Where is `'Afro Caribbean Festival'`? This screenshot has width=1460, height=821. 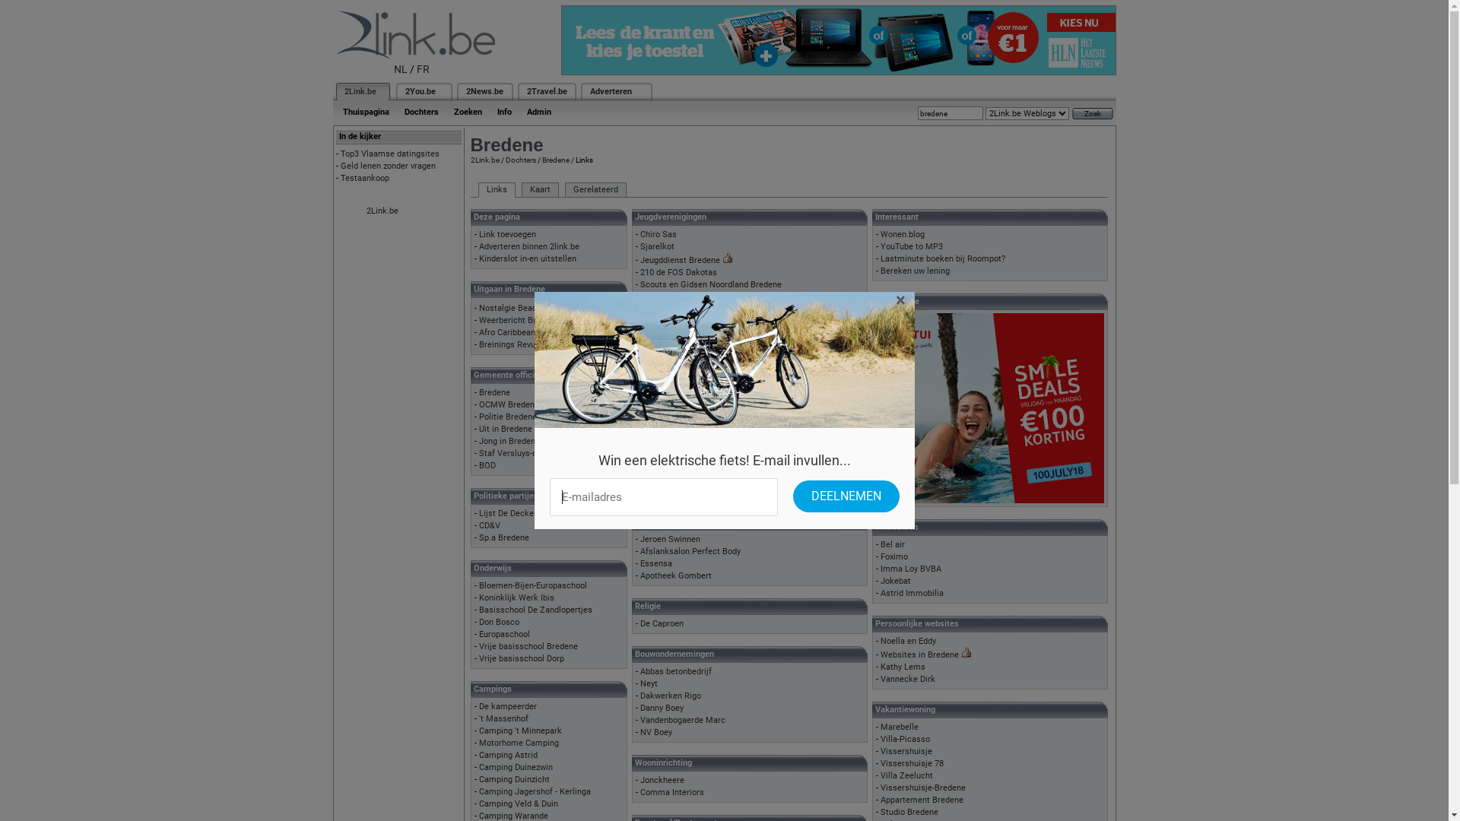 'Afro Caribbean Festival' is located at coordinates (522, 331).